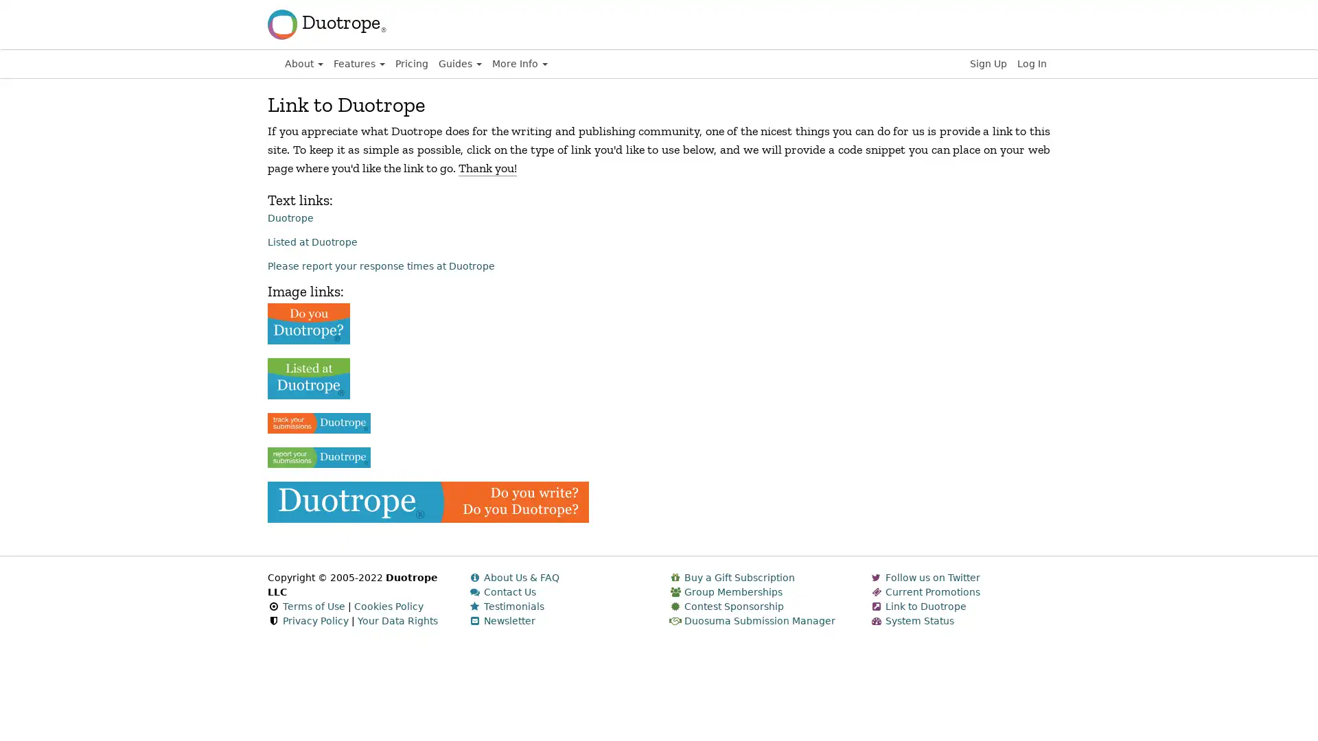 This screenshot has height=741, width=1318. I want to click on Submit, so click(308, 322).